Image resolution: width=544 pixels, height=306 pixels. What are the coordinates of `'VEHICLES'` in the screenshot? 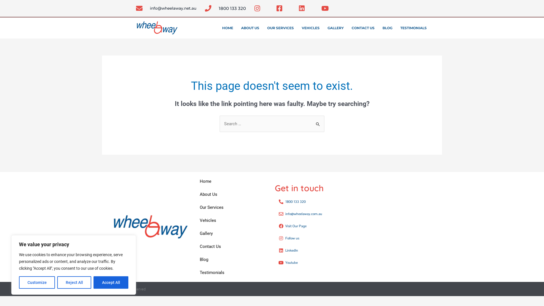 It's located at (310, 28).